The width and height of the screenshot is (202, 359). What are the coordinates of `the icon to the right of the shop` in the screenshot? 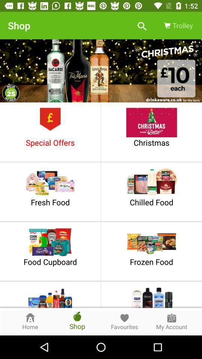 It's located at (142, 25).